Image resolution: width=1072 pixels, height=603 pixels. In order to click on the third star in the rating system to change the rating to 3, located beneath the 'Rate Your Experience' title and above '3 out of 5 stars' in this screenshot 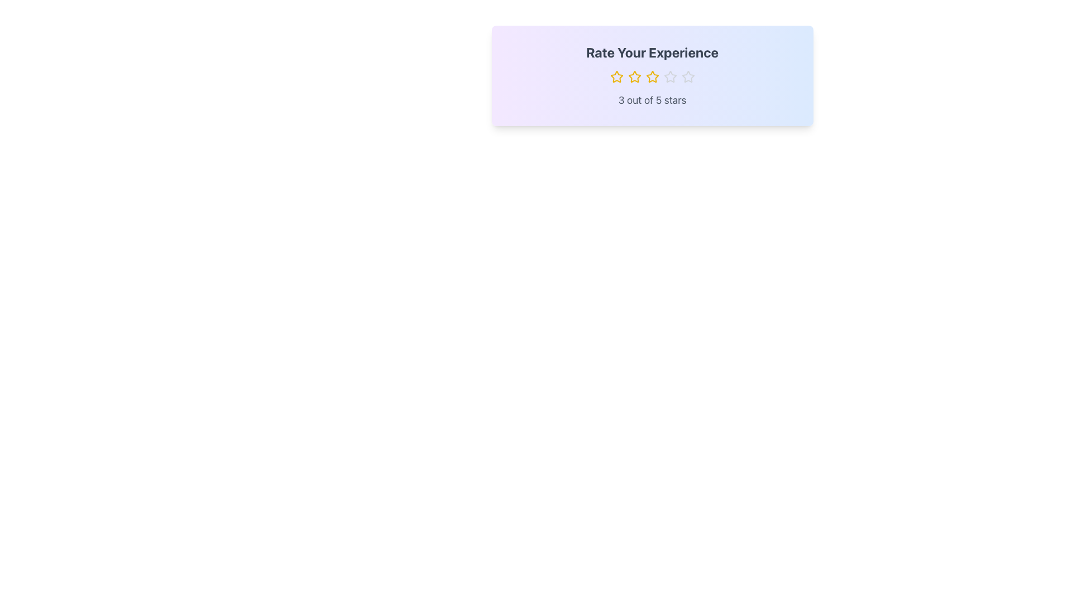, I will do `click(652, 76)`.